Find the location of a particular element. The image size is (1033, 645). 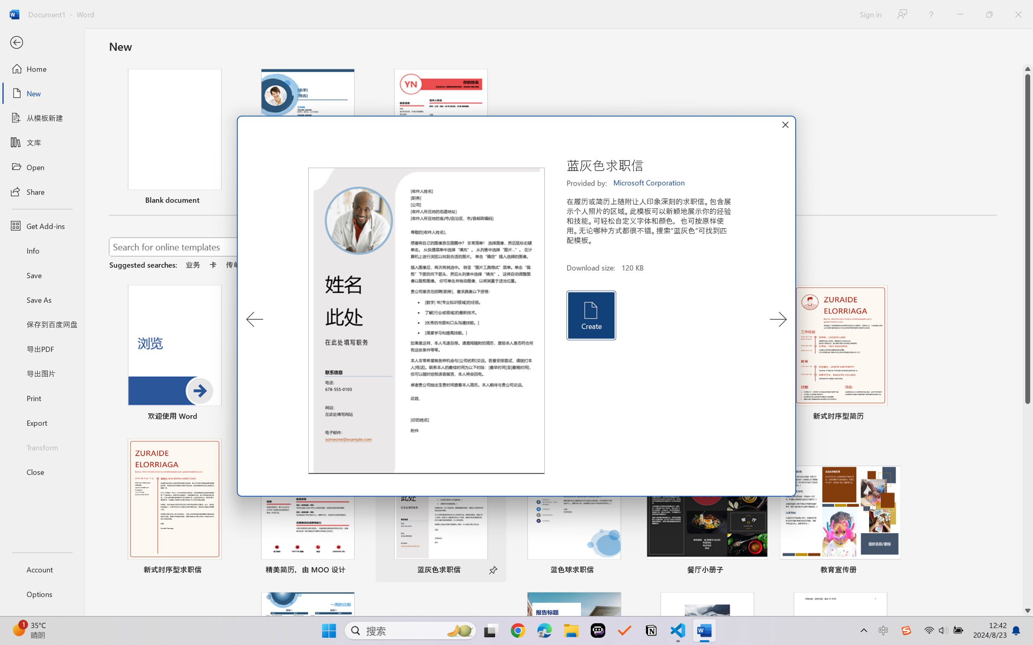

'Previous Template' is located at coordinates (254, 319).